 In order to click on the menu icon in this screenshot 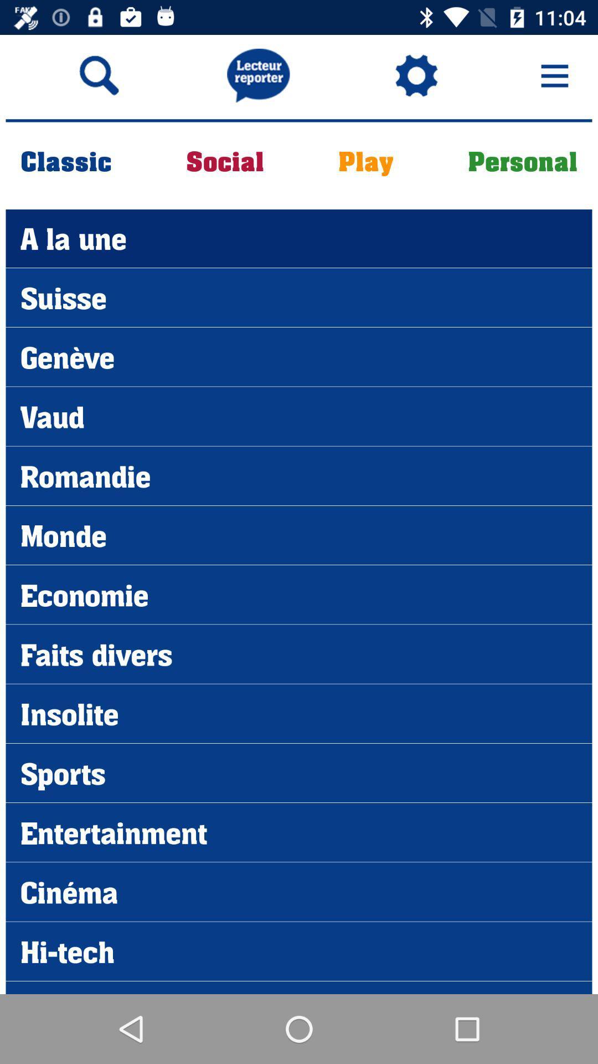, I will do `click(554, 75)`.